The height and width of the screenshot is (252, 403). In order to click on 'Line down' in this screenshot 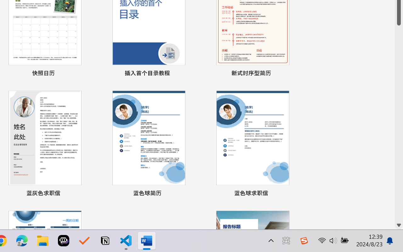, I will do `click(399, 225)`.